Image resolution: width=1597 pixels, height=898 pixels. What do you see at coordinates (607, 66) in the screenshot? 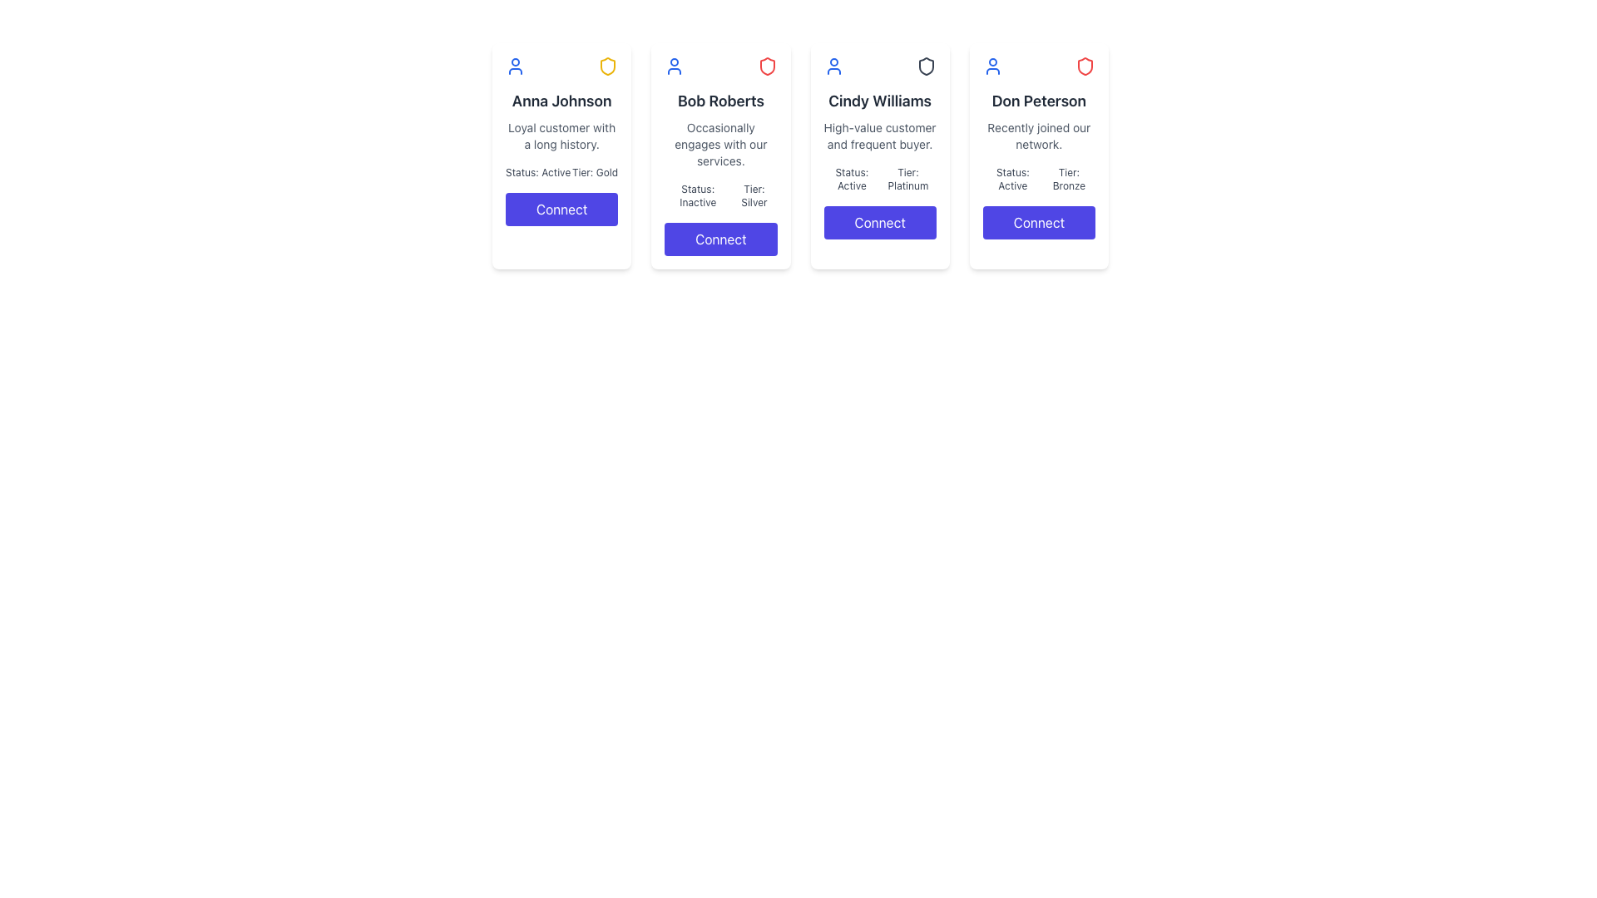
I see `the shield icon located at the top-right corner of Anna Johnson's card, which serves as a visual indicator of status or tier, emphasizing exclusivity or protection` at bounding box center [607, 66].